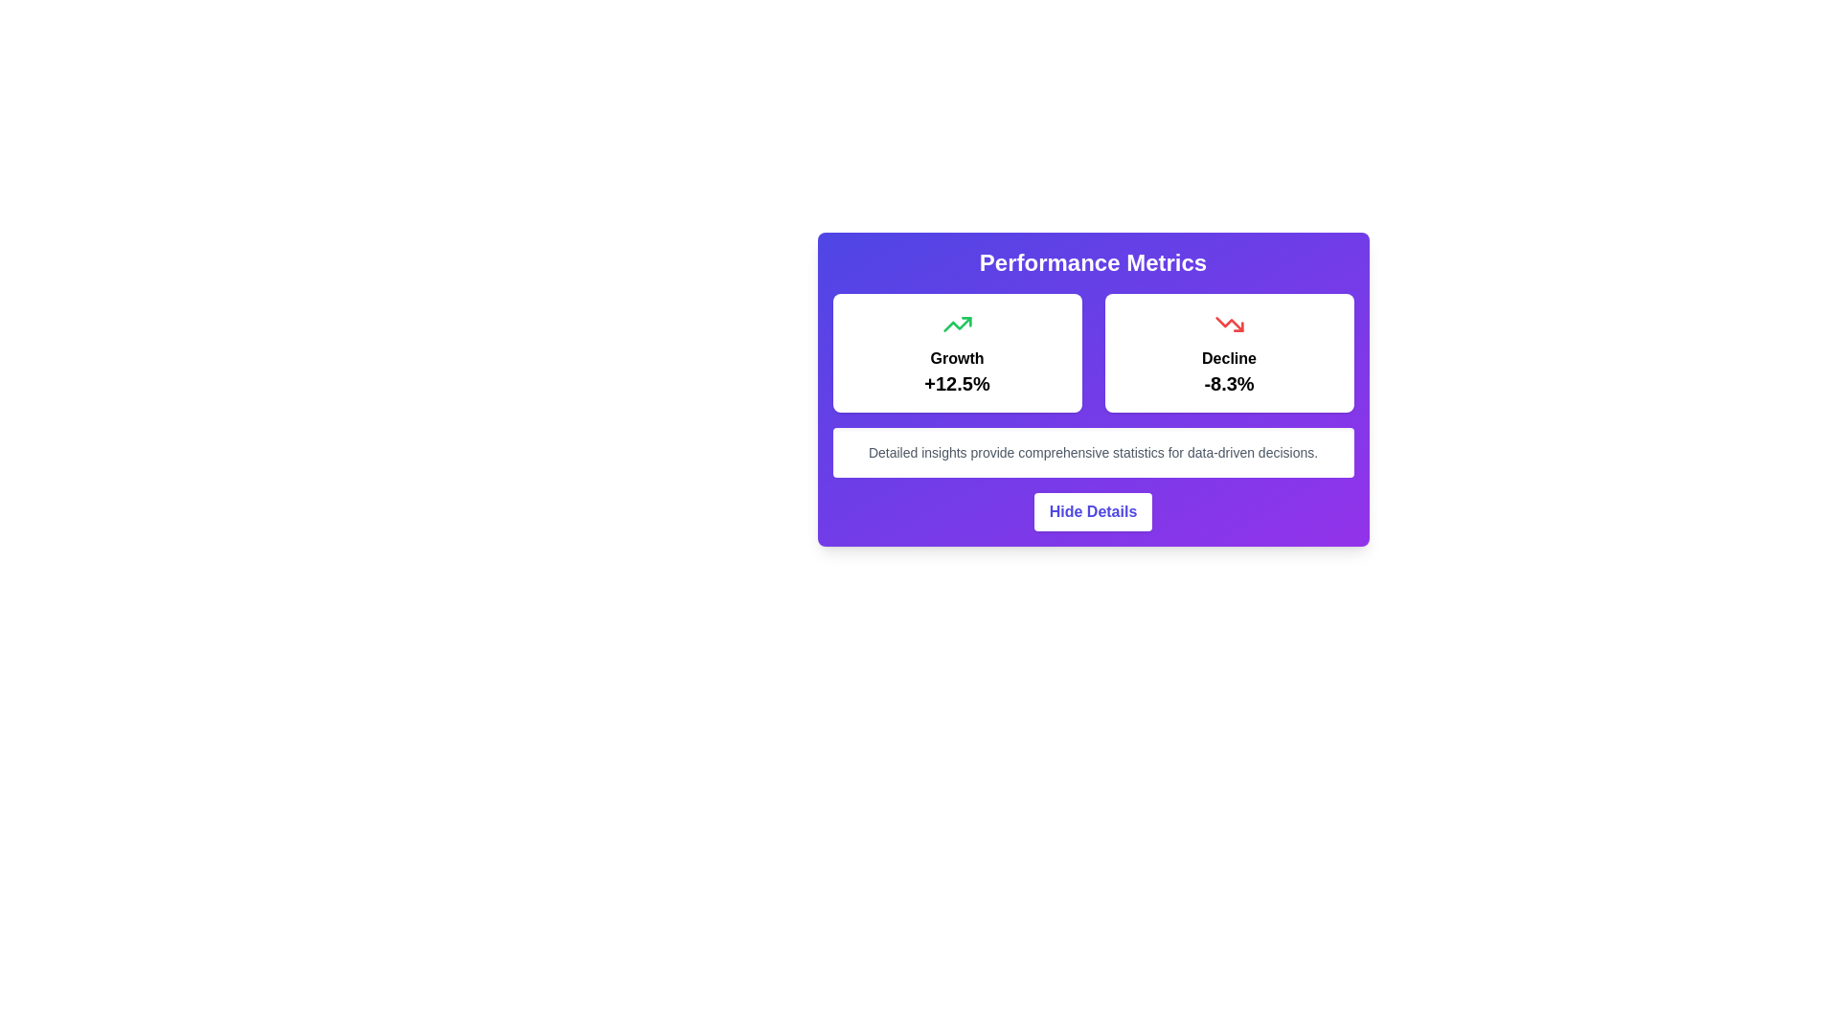  I want to click on the Statistical Card, which features a white background, rounded corners, and contains the text 'Growth' and the percentage '+12.5%' with a green upward trending icon at the top center, so click(957, 353).